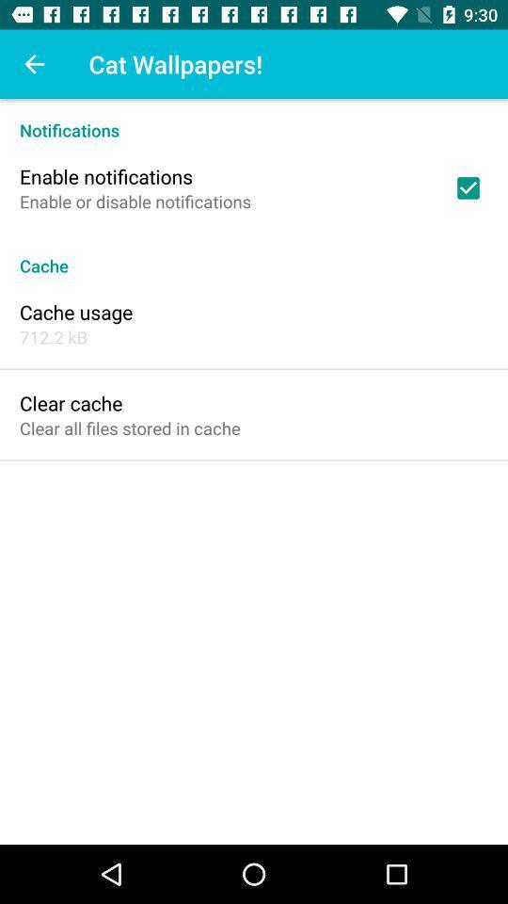 This screenshot has width=508, height=904. I want to click on the icon above the notifications icon, so click(34, 64).